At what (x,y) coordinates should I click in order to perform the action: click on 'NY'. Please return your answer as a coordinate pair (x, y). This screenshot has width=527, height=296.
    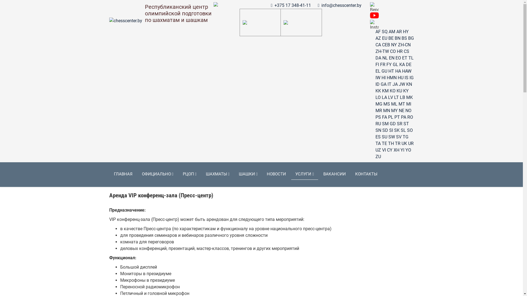
    Looking at the image, I should click on (393, 44).